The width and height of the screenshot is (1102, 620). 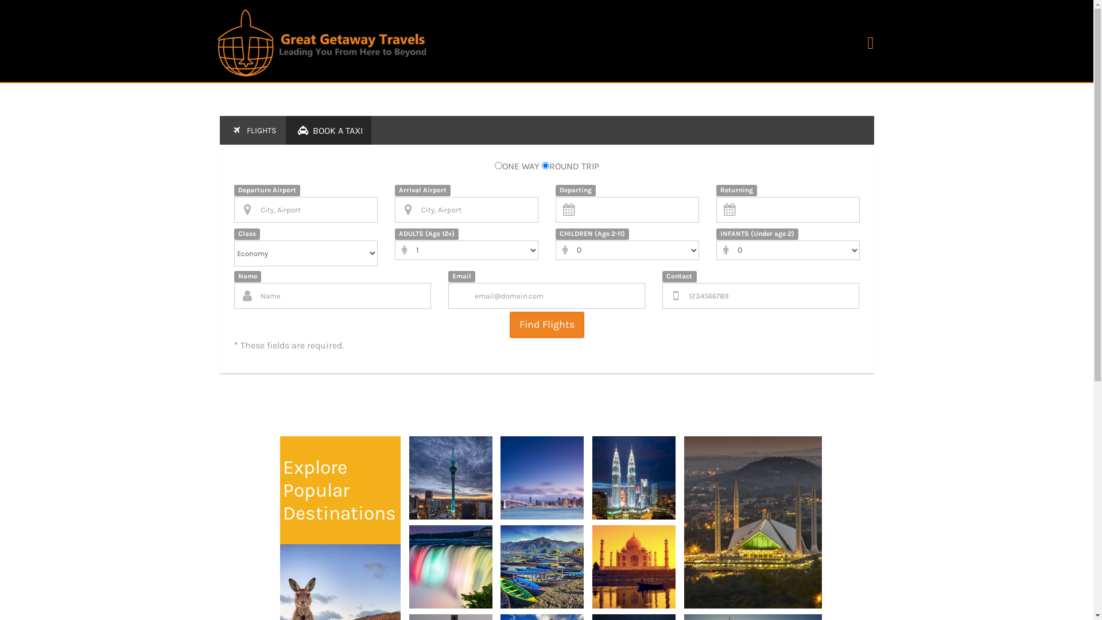 I want to click on 'FLIGHTS', so click(x=251, y=130).